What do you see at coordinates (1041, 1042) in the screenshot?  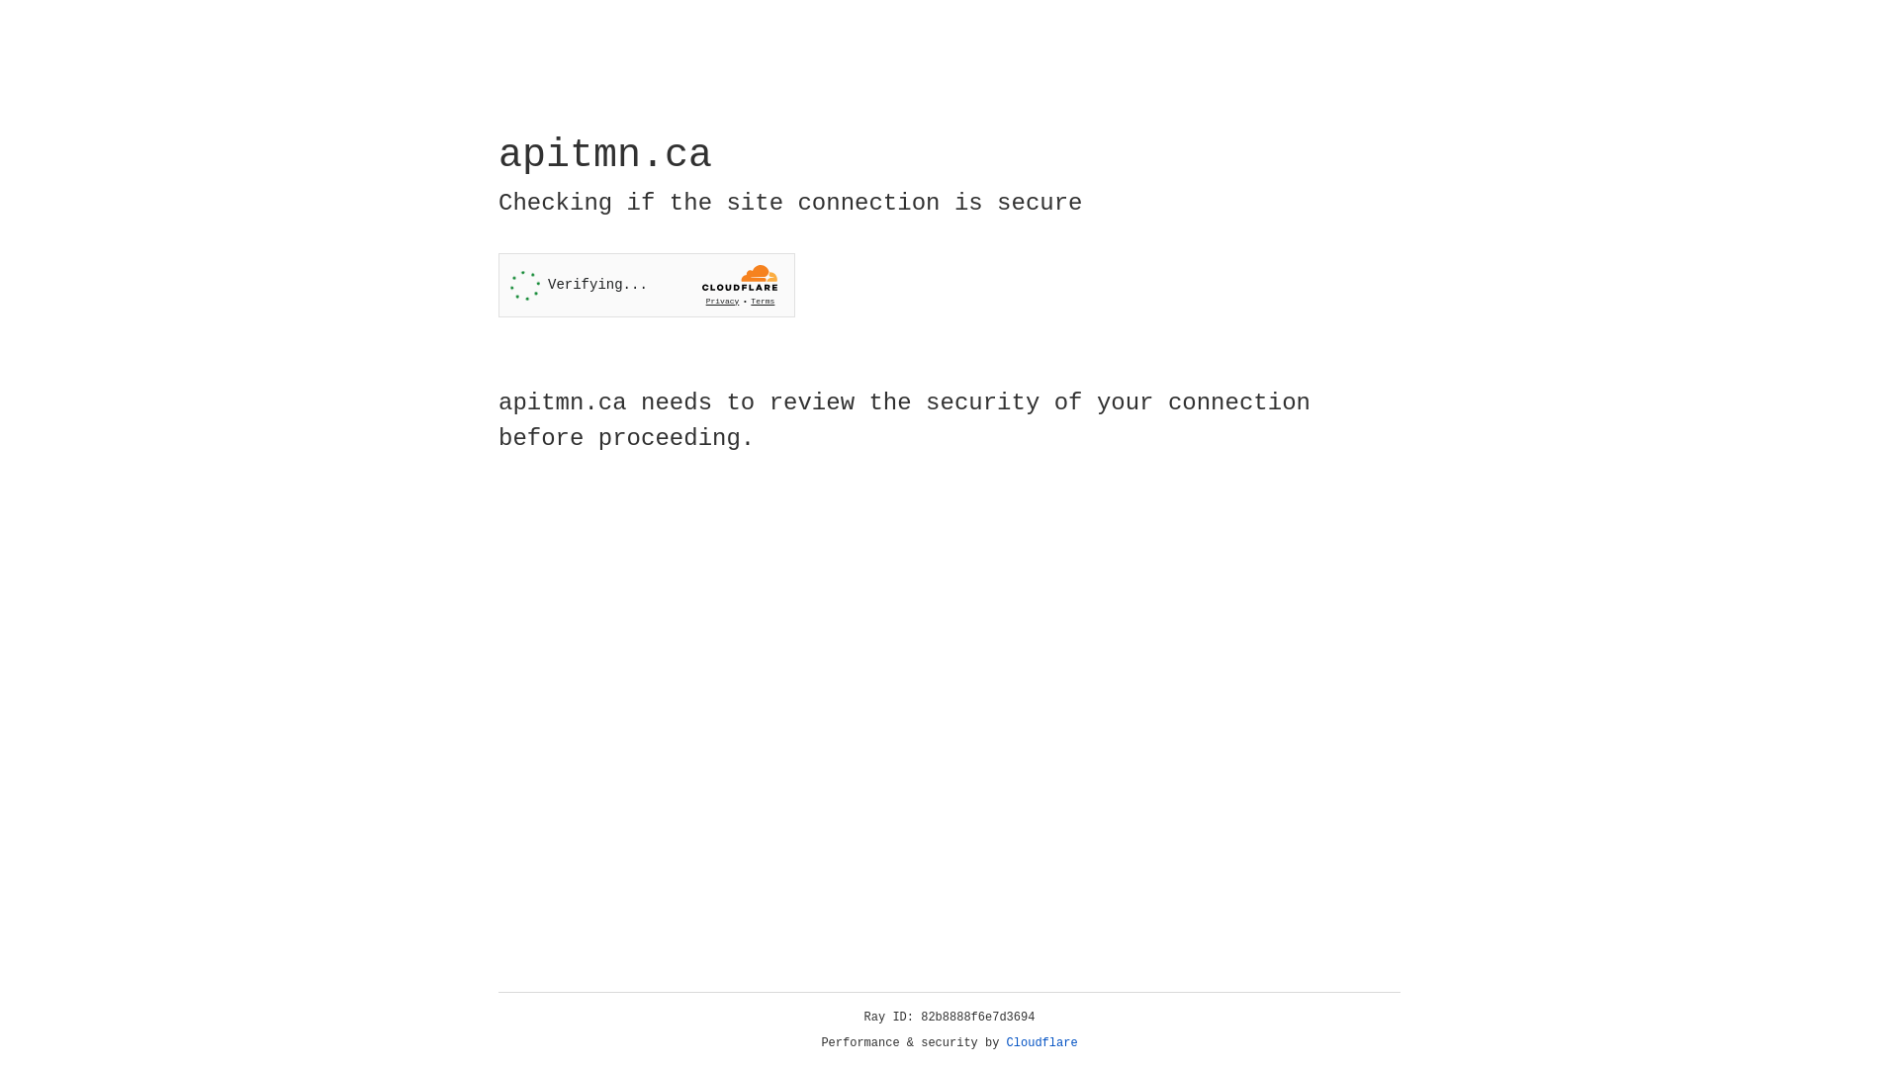 I see `'Cloudflare'` at bounding box center [1041, 1042].